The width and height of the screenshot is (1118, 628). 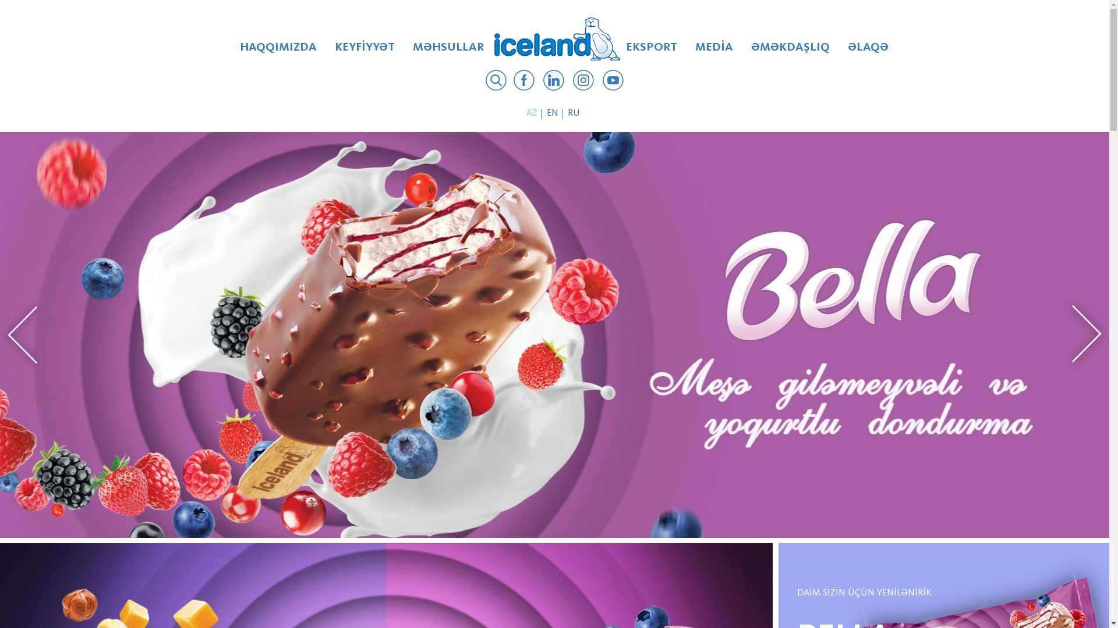 What do you see at coordinates (278, 51) in the screenshot?
I see `'HAQQIMIZDA'` at bounding box center [278, 51].